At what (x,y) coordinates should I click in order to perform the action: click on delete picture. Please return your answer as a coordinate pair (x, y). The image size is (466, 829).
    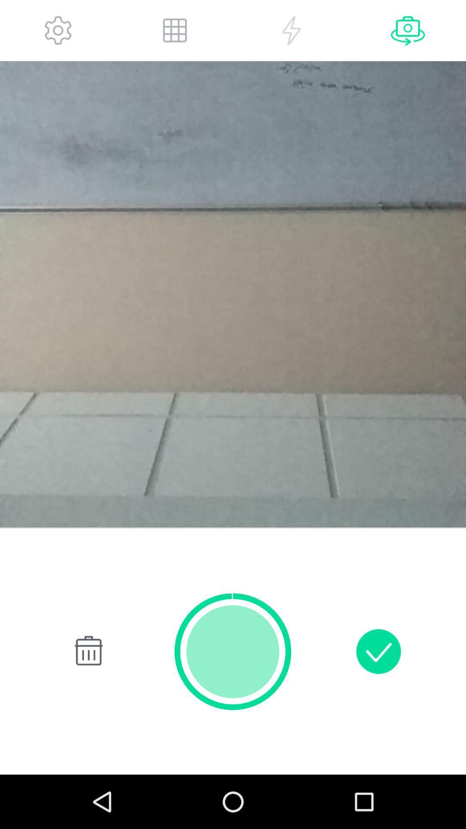
    Looking at the image, I should click on (87, 651).